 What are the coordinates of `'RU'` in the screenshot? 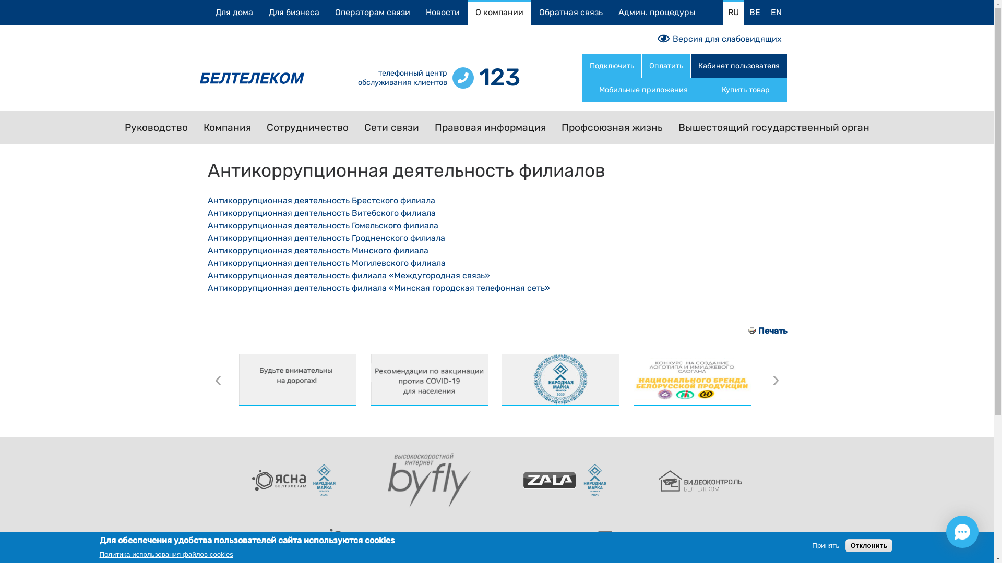 It's located at (732, 12).